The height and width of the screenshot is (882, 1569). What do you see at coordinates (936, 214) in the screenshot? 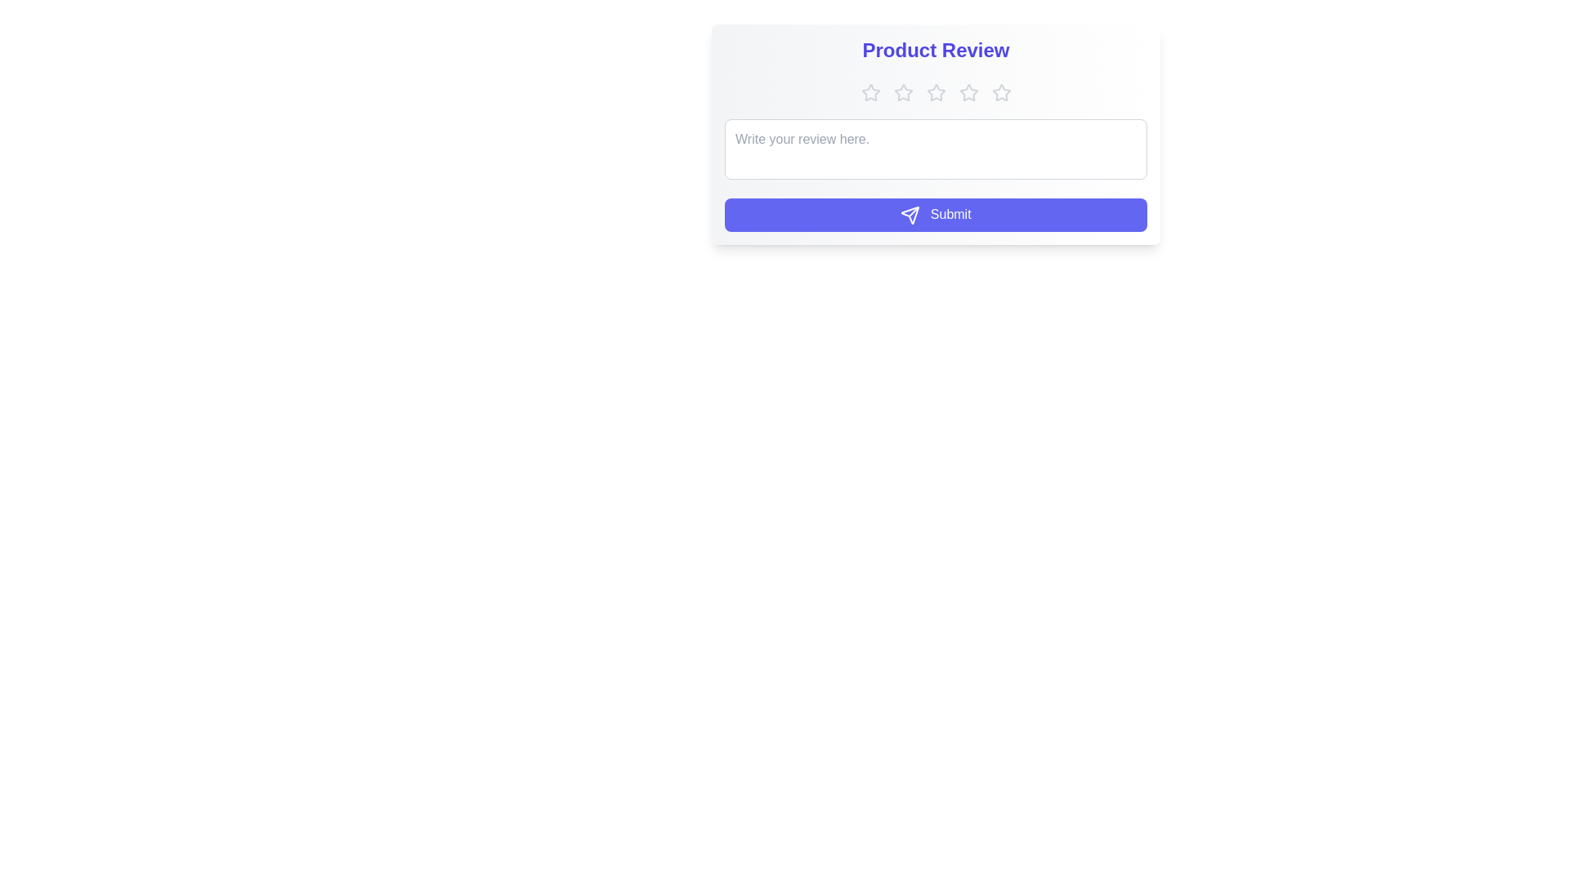
I see `the submit button to submit the review` at bounding box center [936, 214].